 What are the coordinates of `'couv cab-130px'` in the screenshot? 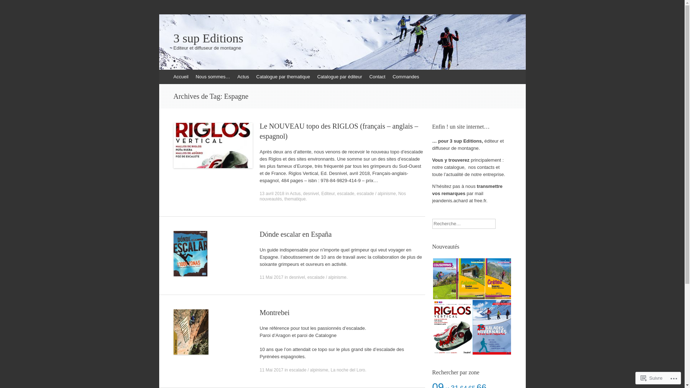 It's located at (471, 278).